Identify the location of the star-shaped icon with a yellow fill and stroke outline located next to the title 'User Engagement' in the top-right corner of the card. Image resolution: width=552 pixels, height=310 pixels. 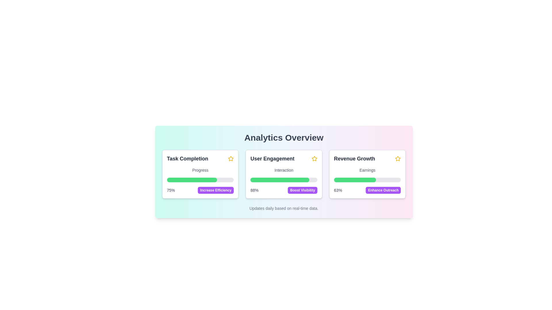
(314, 158).